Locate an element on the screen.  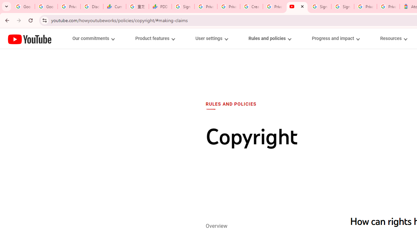
'YouTube Copyright Rules & Policies - How YouTube Works' is located at coordinates (297, 6).